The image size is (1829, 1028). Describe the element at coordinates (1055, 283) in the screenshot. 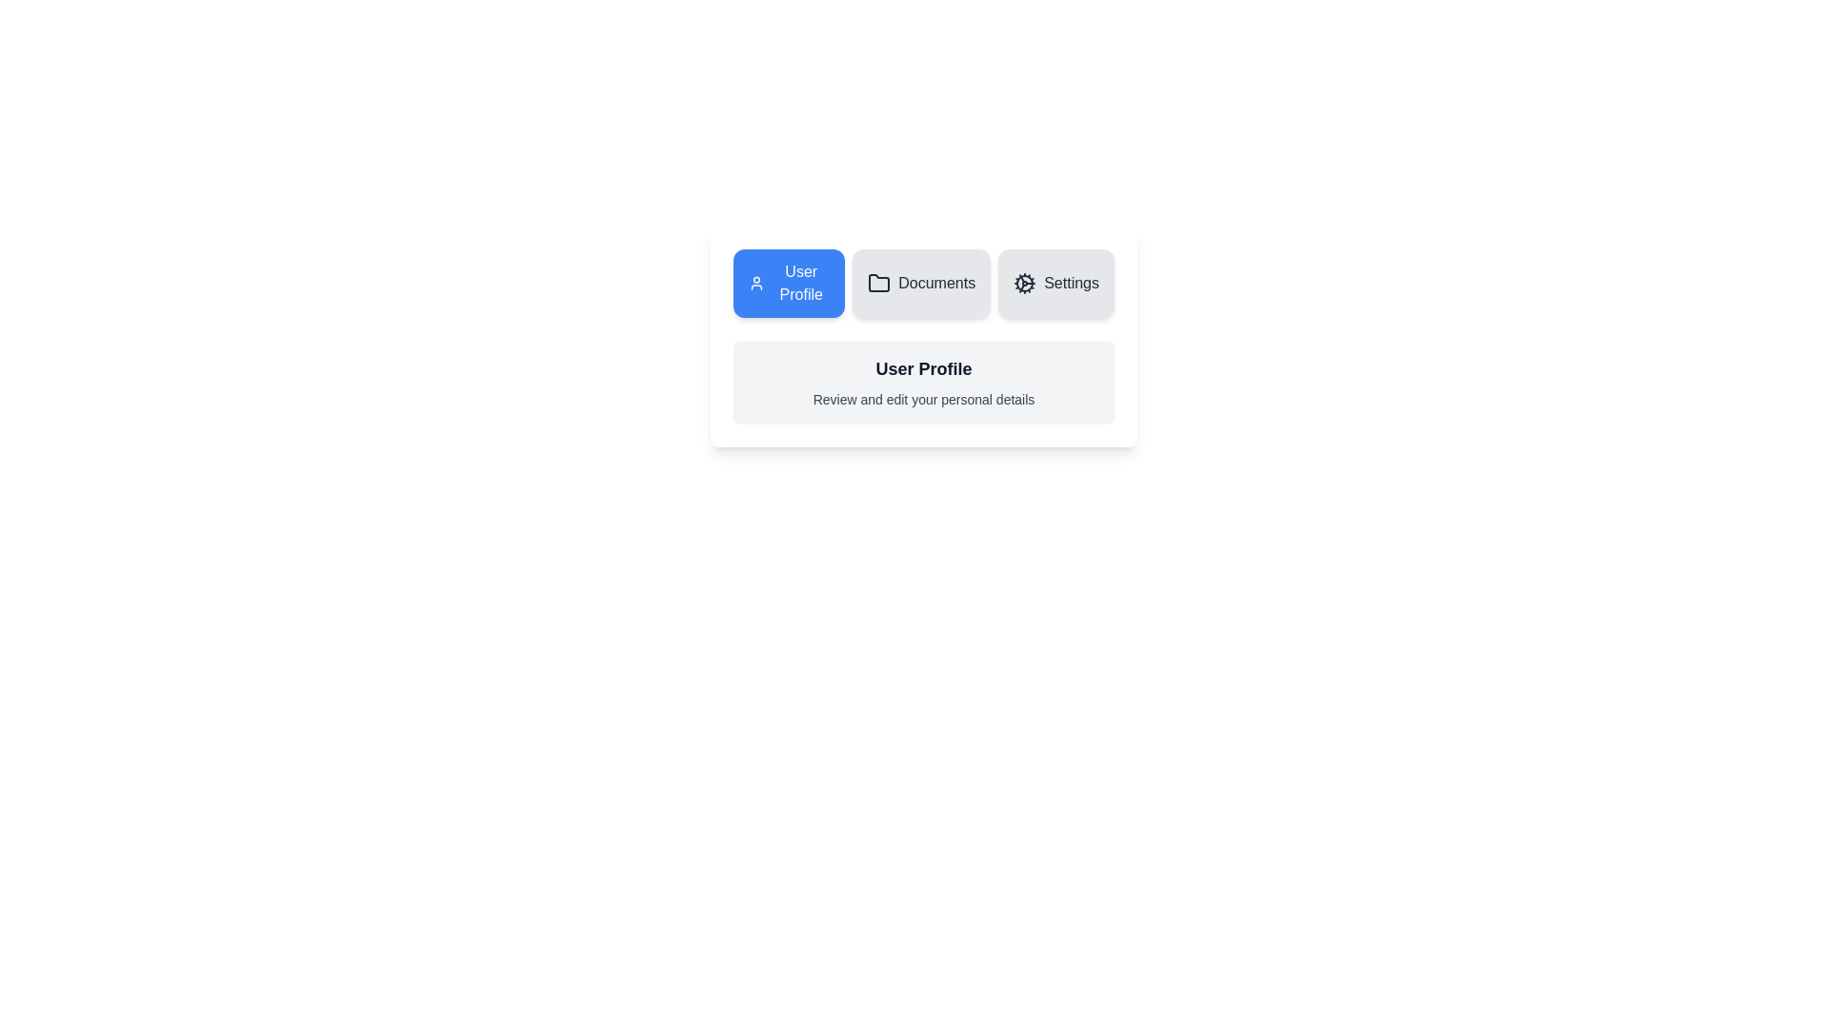

I see `the tab labeled Settings` at that location.